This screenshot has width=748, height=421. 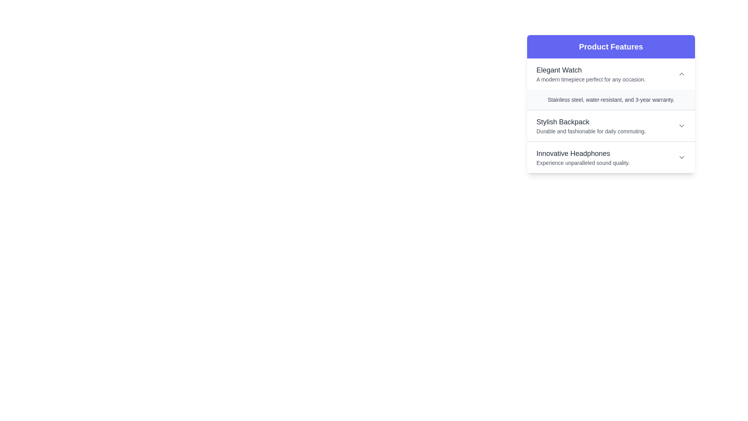 What do you see at coordinates (610, 84) in the screenshot?
I see `the first collapsible section in the 'Product Features' section` at bounding box center [610, 84].